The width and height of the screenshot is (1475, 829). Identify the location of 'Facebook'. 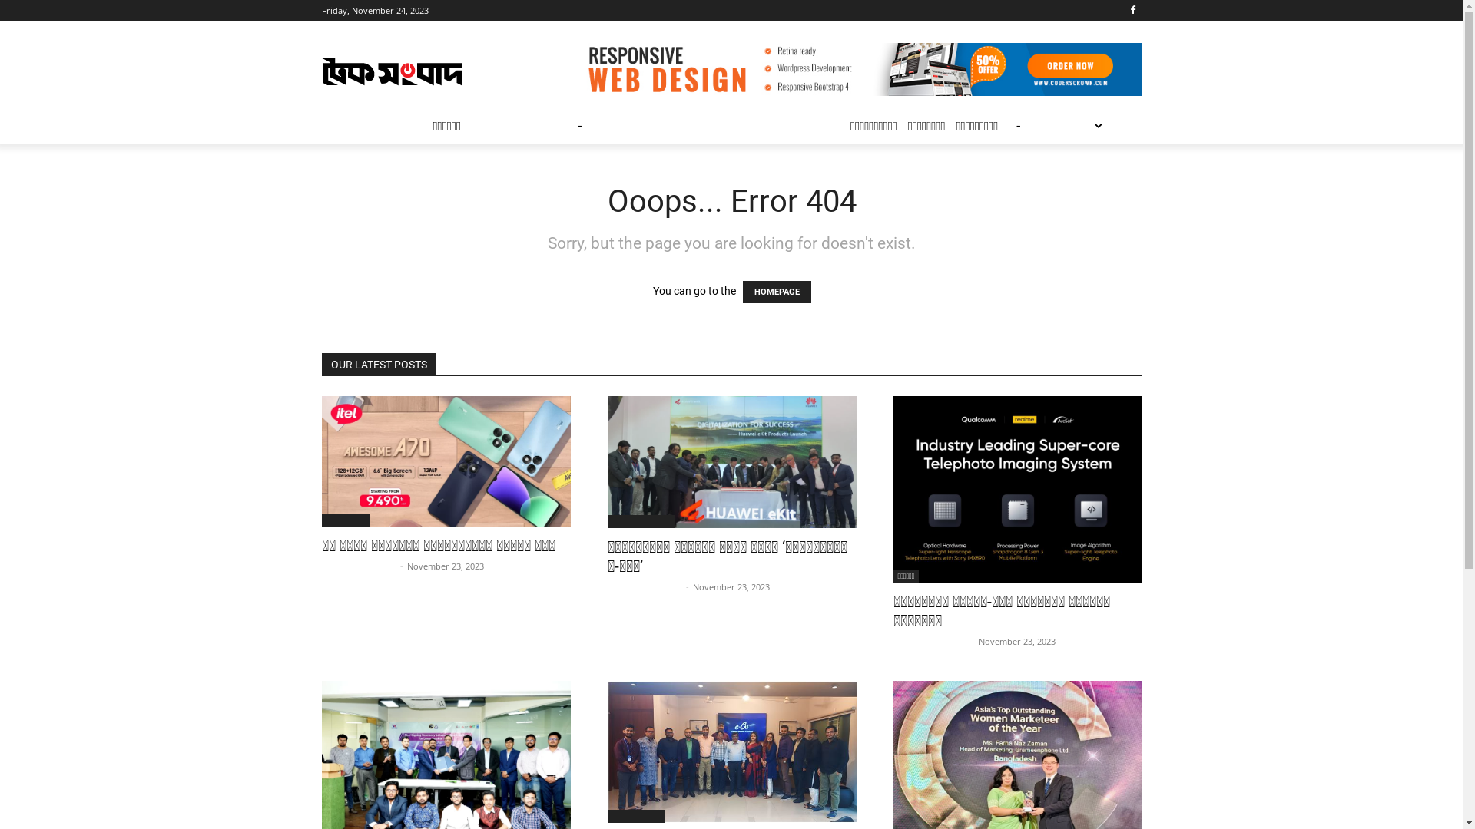
(1133, 10).